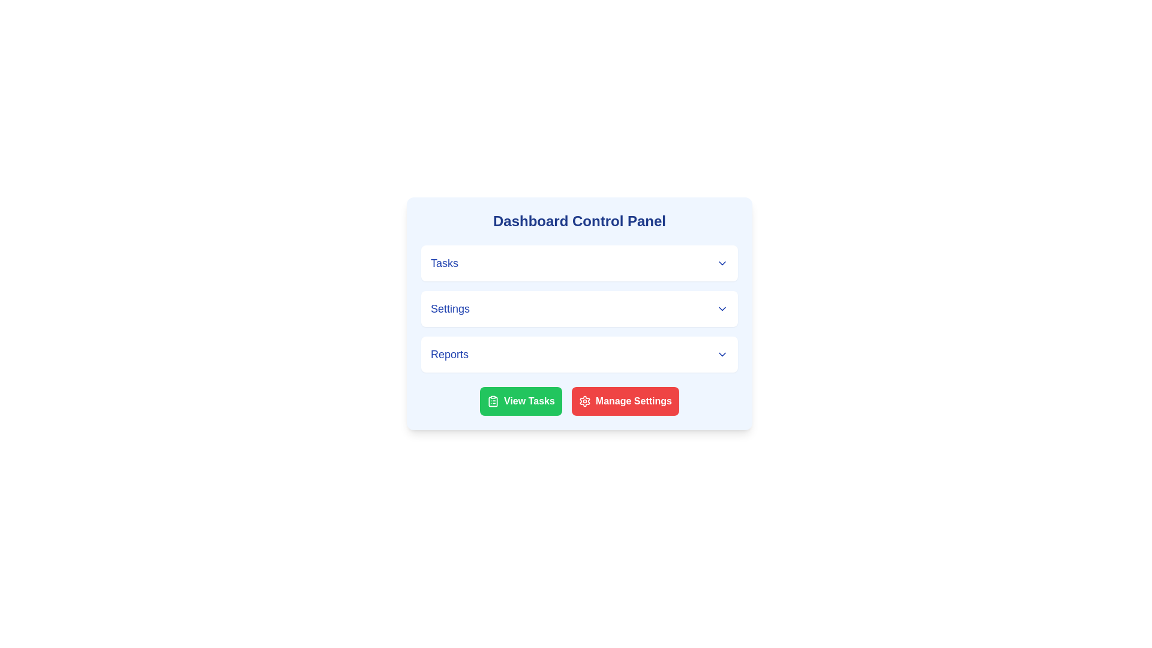 The height and width of the screenshot is (648, 1152). Describe the element at coordinates (584, 401) in the screenshot. I see `the gear icon located to the left of the 'Manage Settings' button, which indicates configuration actions` at that location.